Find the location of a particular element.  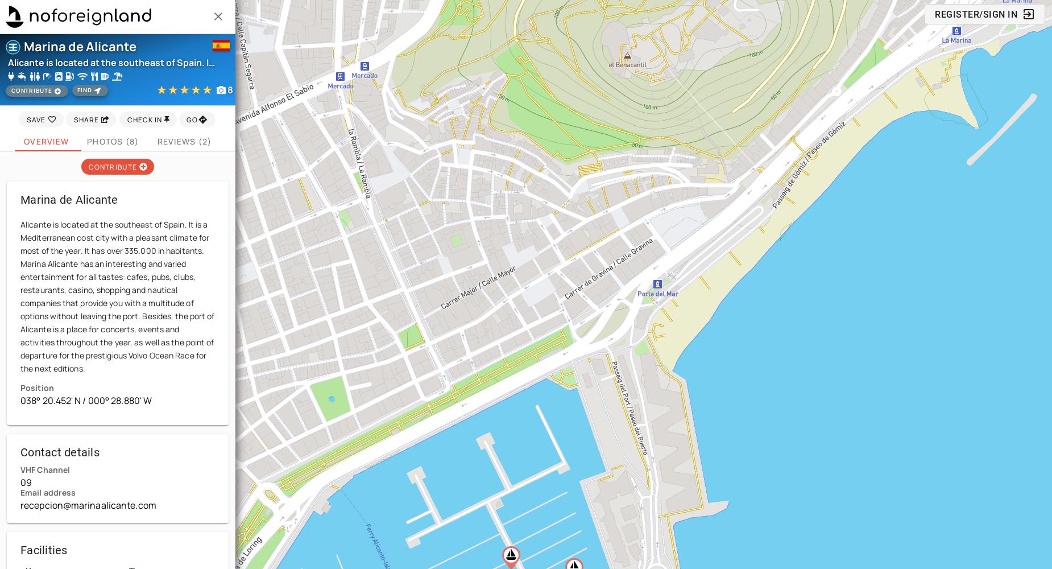

'Alicante is located at the southeast of Spain. It is a Mediterranean cost city with a pleasant climate for most of the year. It has over 335.000 in habitants.

Marina Alicante has an interesting and varied entertainment for all tastes: cafes, pubs, clubs, restaurants, casino, shopping and nautical companies that provide you with a multitude of options without leaving the port.

Besides, the port of Alicante is a place for concerts, events and activities throughout the year, as well as the point of departure for the prestigious Volvo Ocean Race for the next editions.' is located at coordinates (117, 296).